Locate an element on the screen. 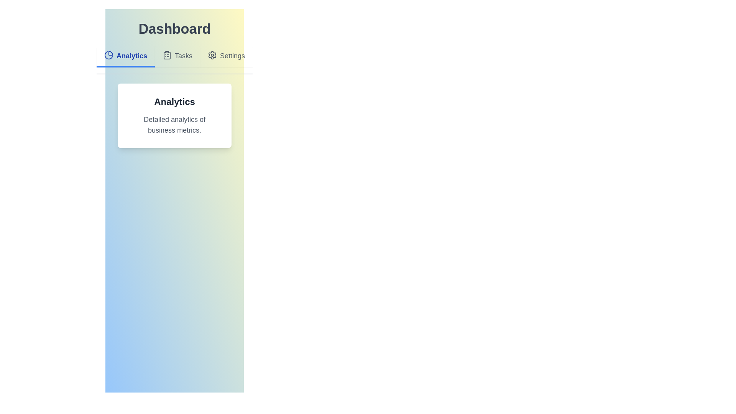 This screenshot has width=736, height=414. the Analytics tab to observe its hover effect is located at coordinates (125, 56).